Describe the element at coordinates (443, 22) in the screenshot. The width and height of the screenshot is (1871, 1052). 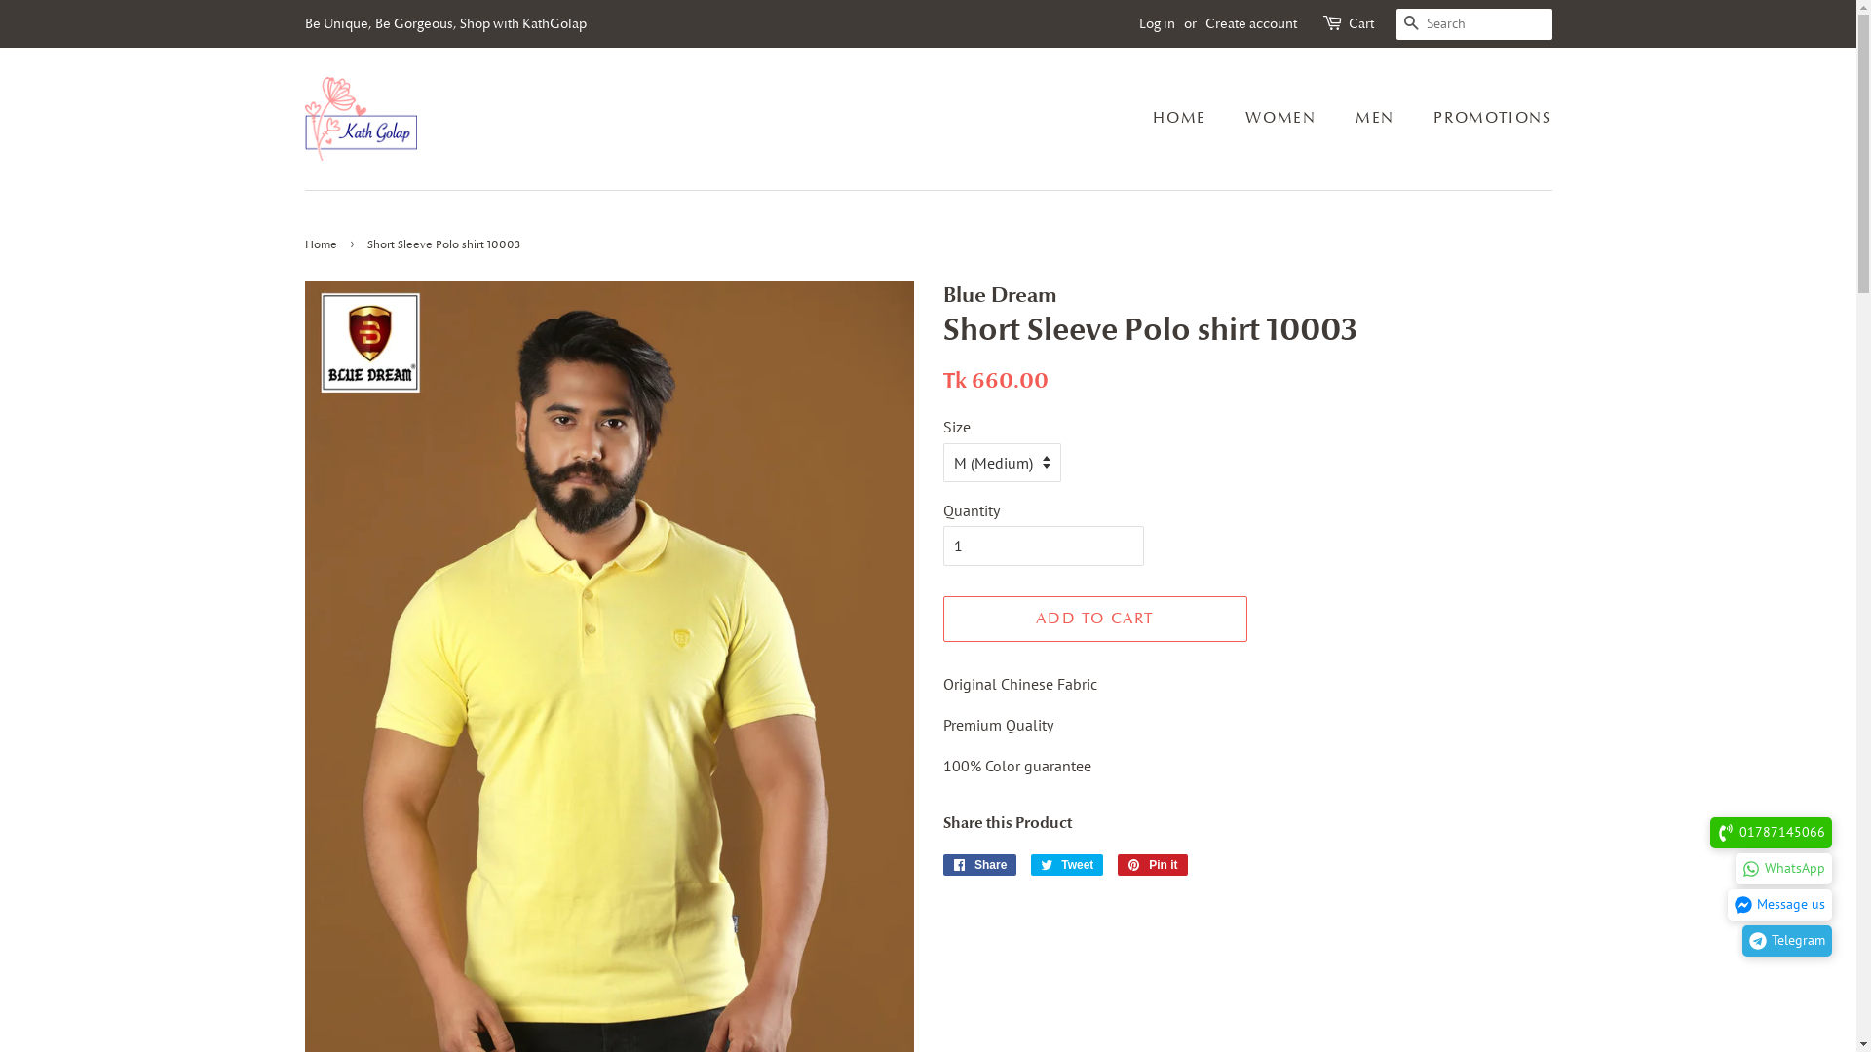
I see `'Be Unique, Be Gorgeous, Shop with KathGolap'` at that location.